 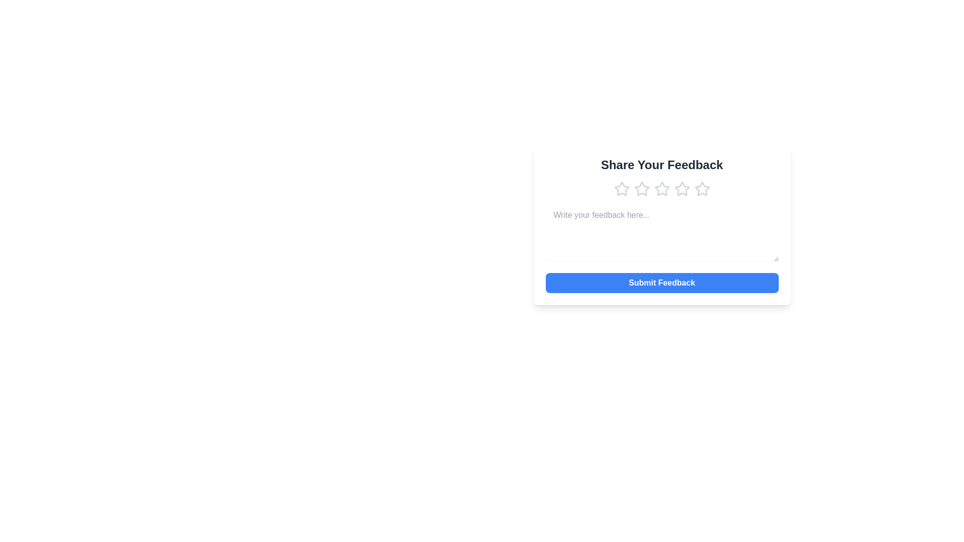 What do you see at coordinates (682, 188) in the screenshot?
I see `the fourth star-shaped icon in the five-star rating bar, which is outlined in gray with a hollow center` at bounding box center [682, 188].